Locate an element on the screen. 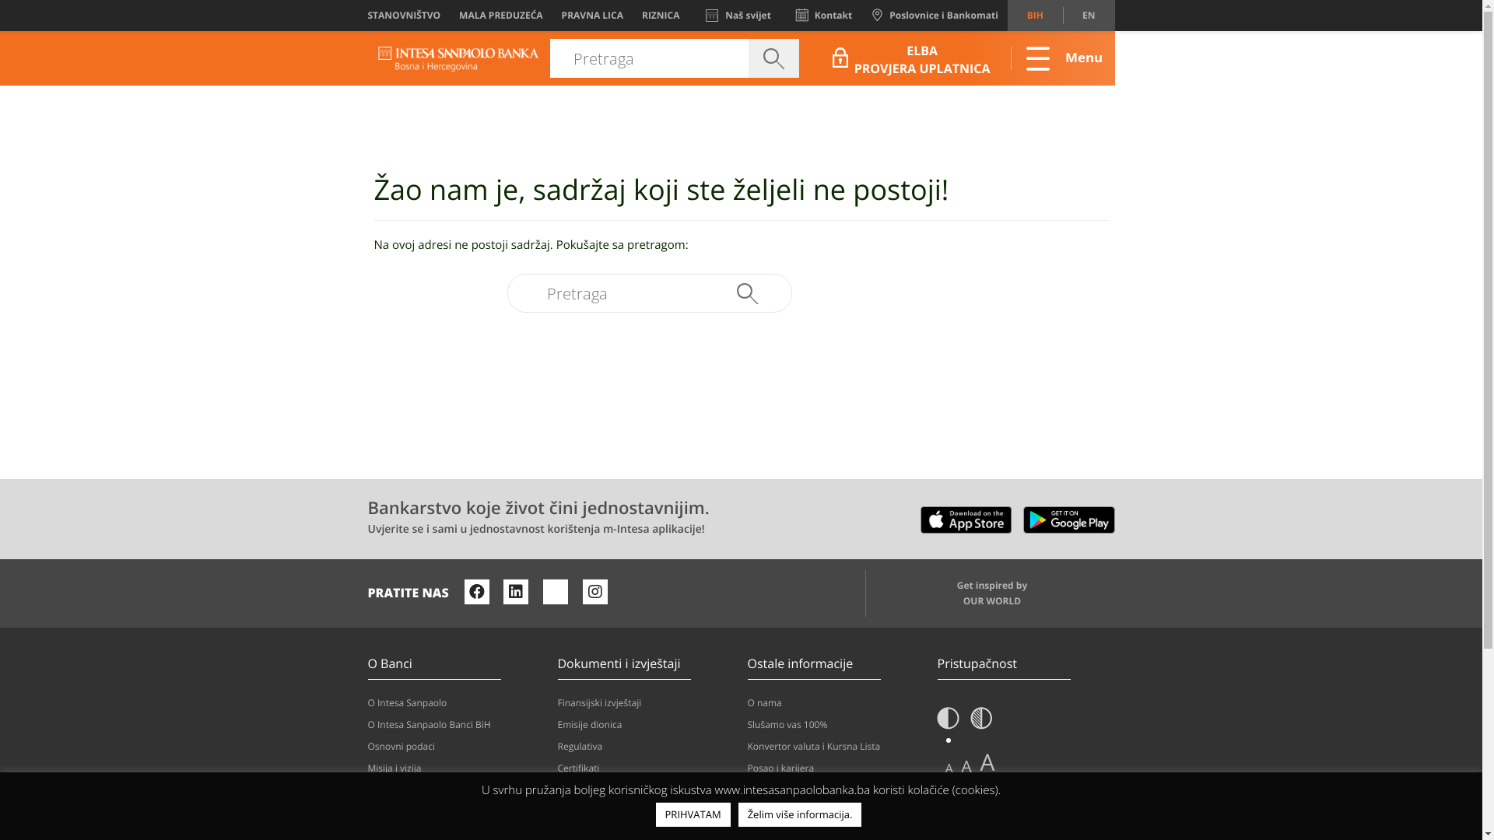  'Certifikati' is located at coordinates (646, 767).